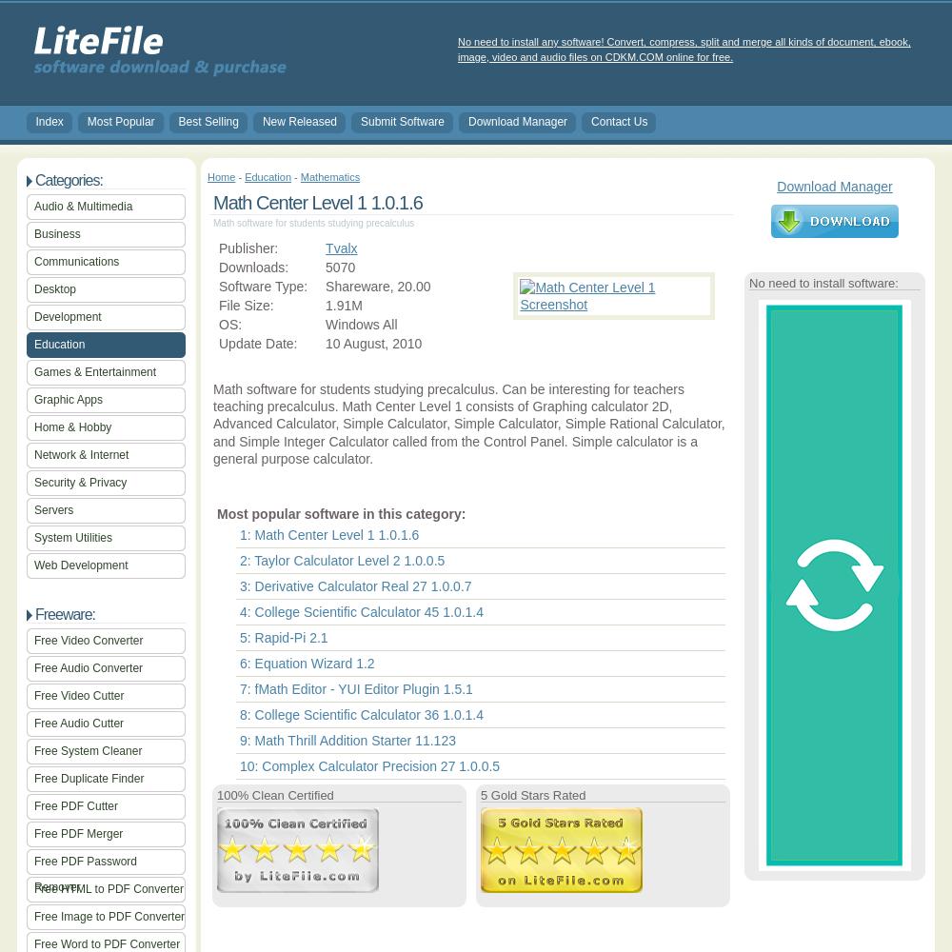 This screenshot has width=952, height=952. I want to click on '3: Derivative Calculator Real 27 1.0.0.7', so click(354, 585).